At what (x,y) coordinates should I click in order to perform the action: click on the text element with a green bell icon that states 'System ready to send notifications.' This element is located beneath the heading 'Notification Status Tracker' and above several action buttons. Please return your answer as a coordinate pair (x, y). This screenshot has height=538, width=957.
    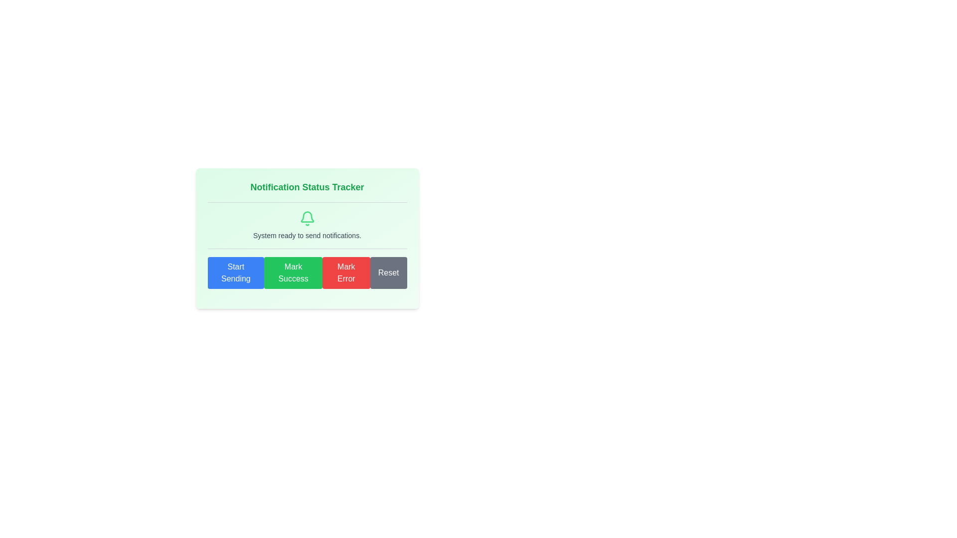
    Looking at the image, I should click on (307, 225).